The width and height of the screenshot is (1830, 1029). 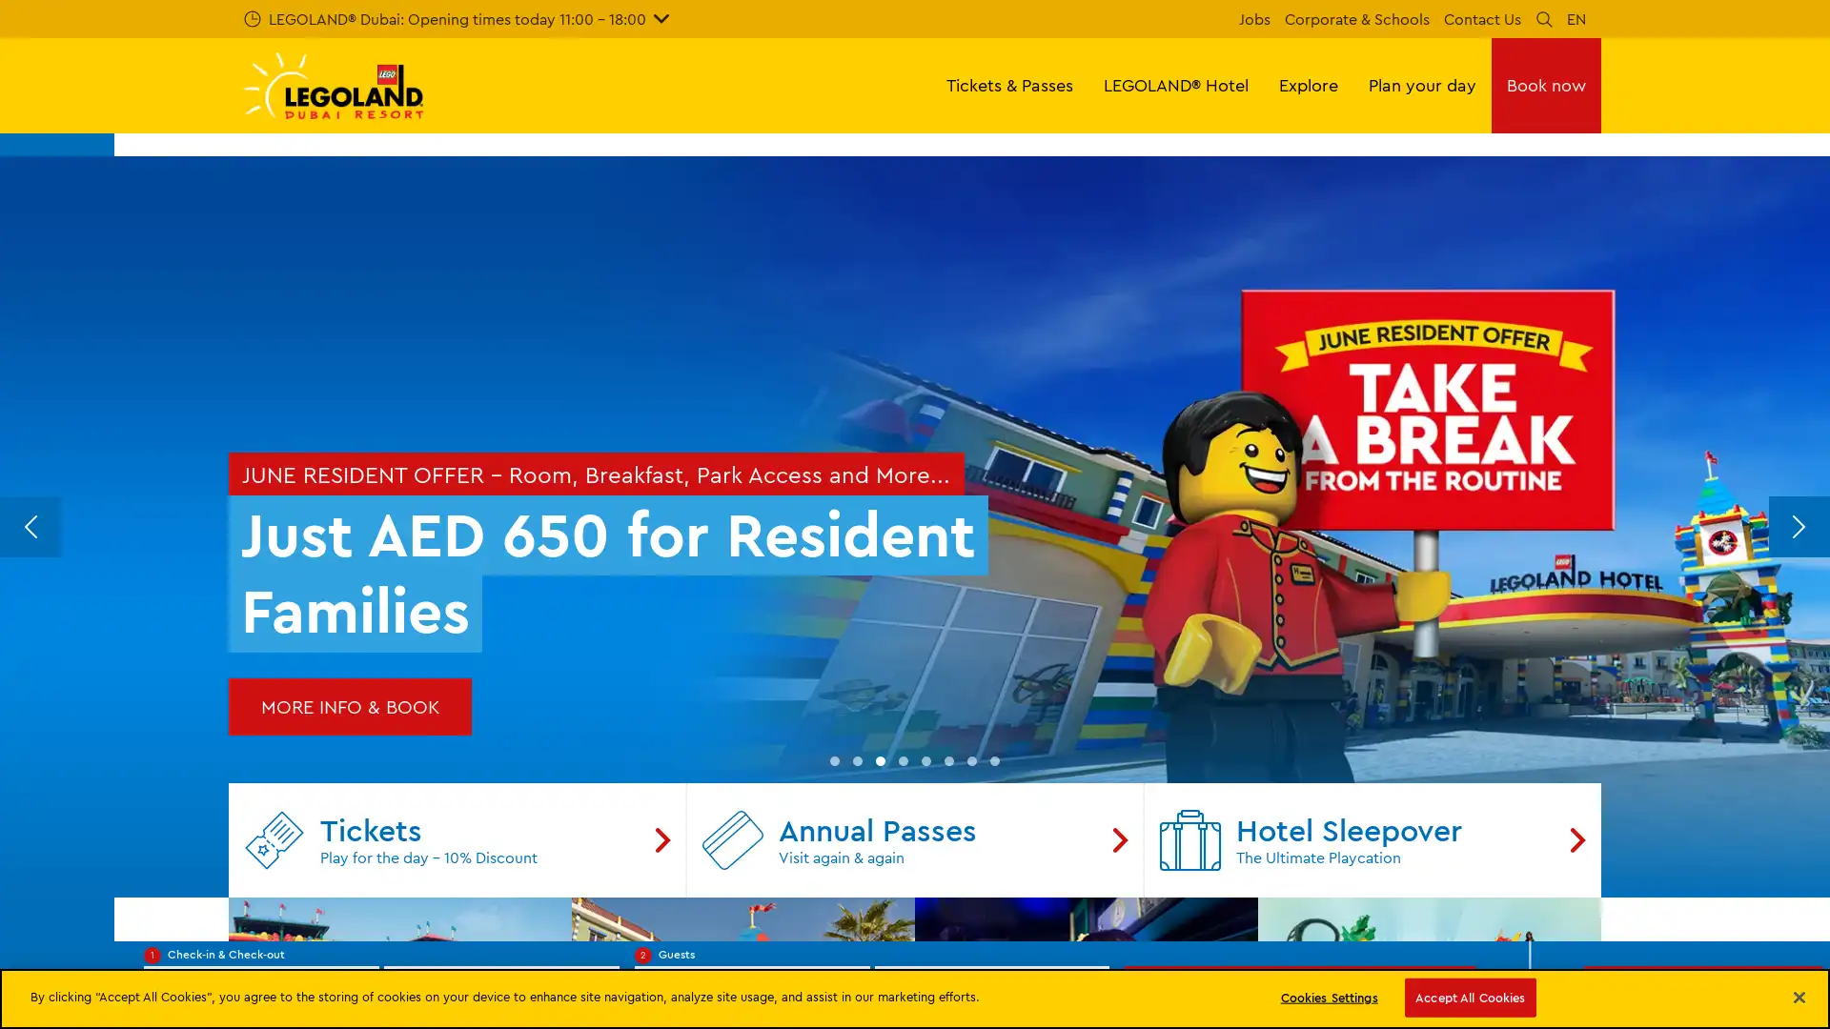 I want to click on Close, so click(x=1798, y=995).